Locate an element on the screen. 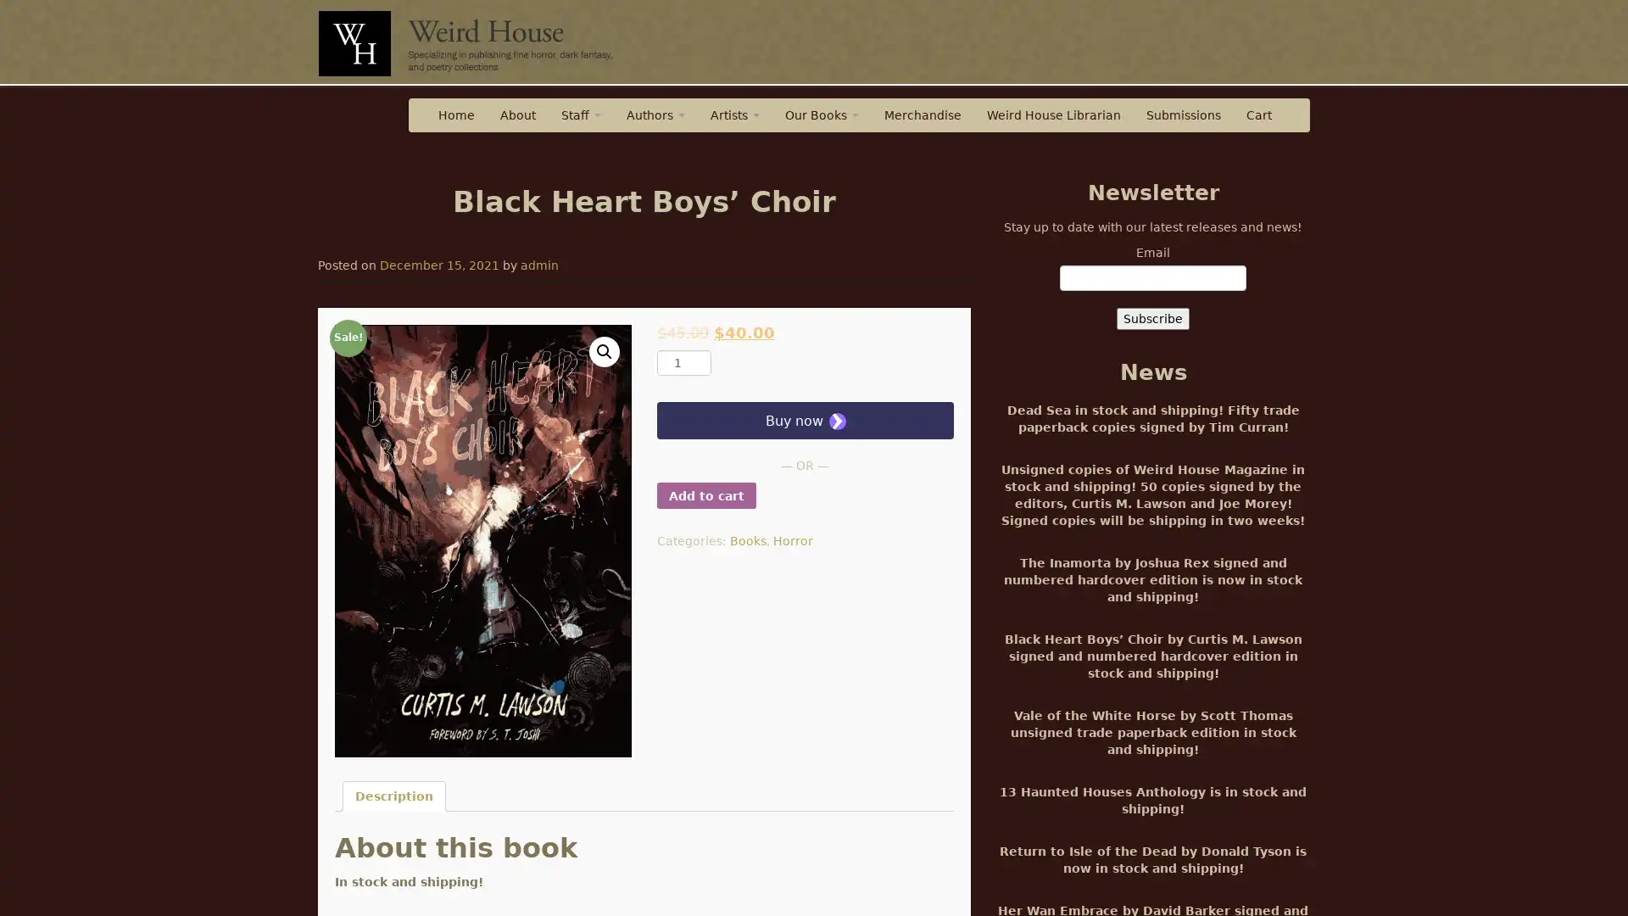 The width and height of the screenshot is (1628, 916). Subscribe is located at coordinates (1152, 318).